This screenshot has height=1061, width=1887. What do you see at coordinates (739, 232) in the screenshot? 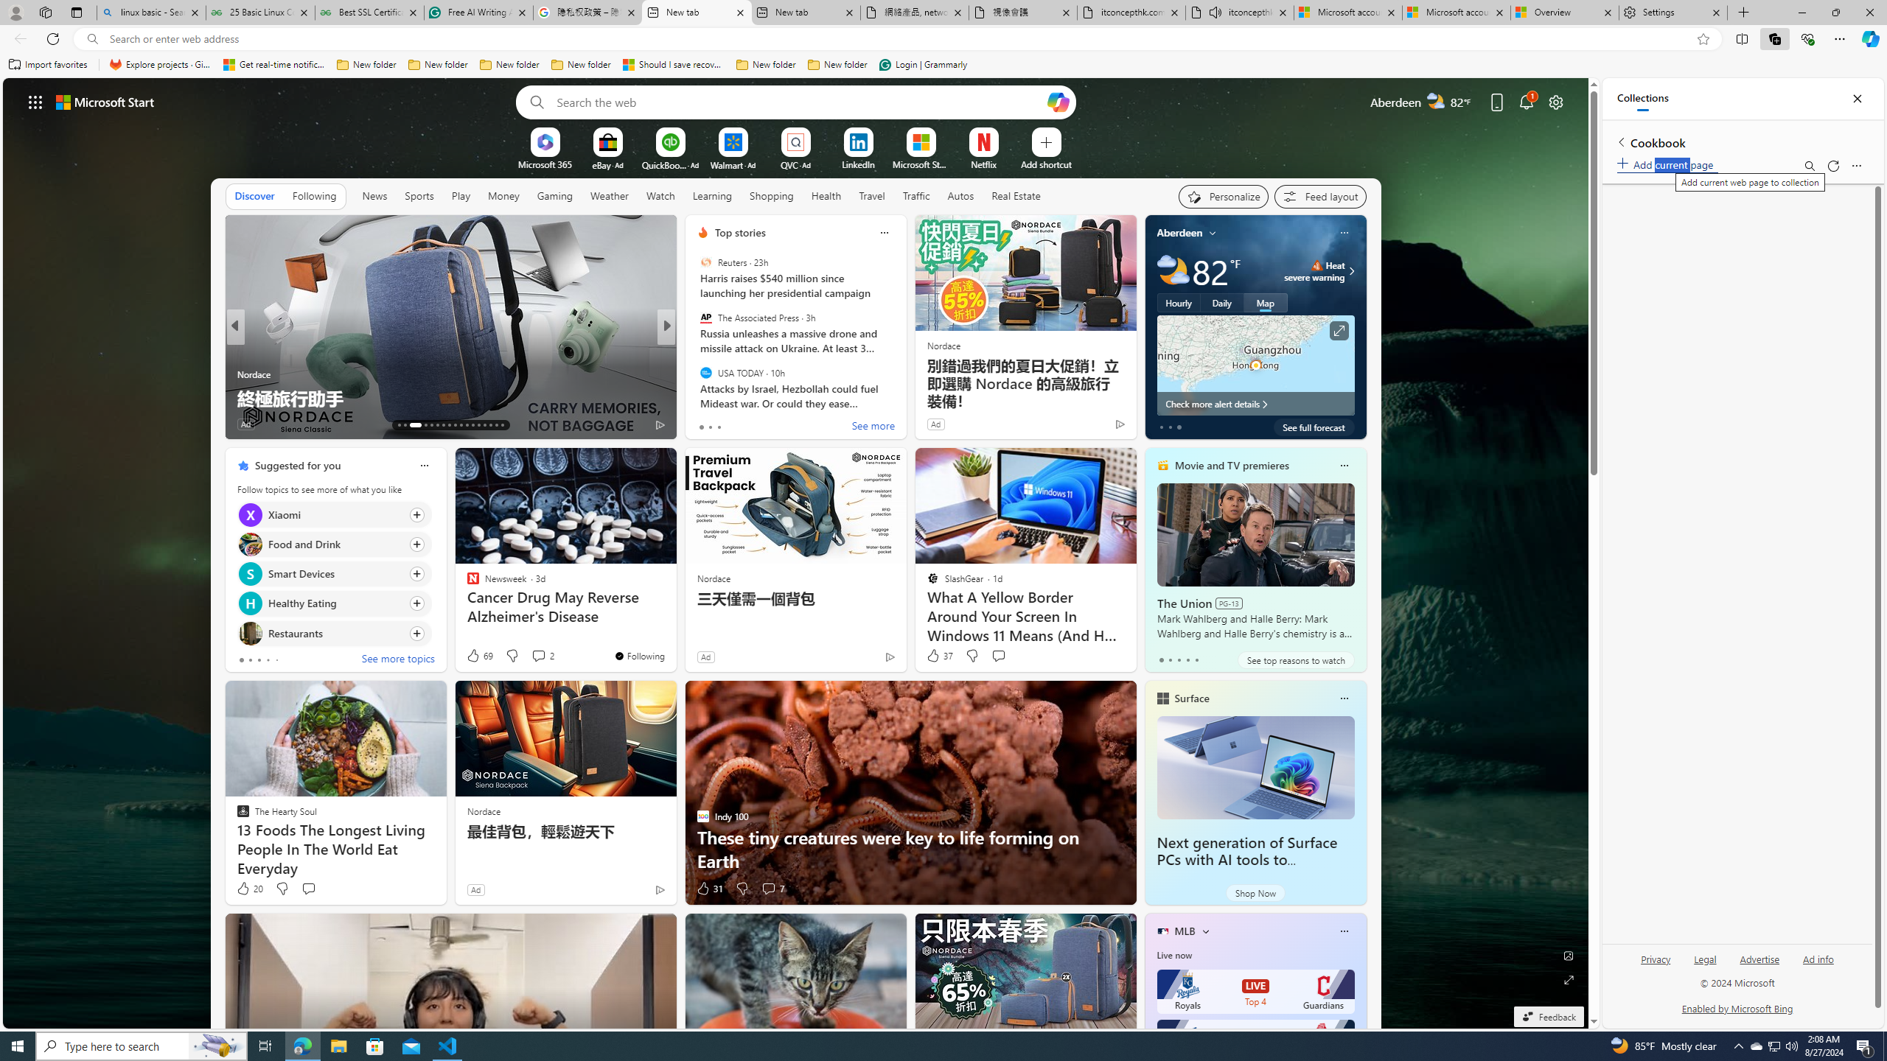
I see `'Top stories'` at bounding box center [739, 232].